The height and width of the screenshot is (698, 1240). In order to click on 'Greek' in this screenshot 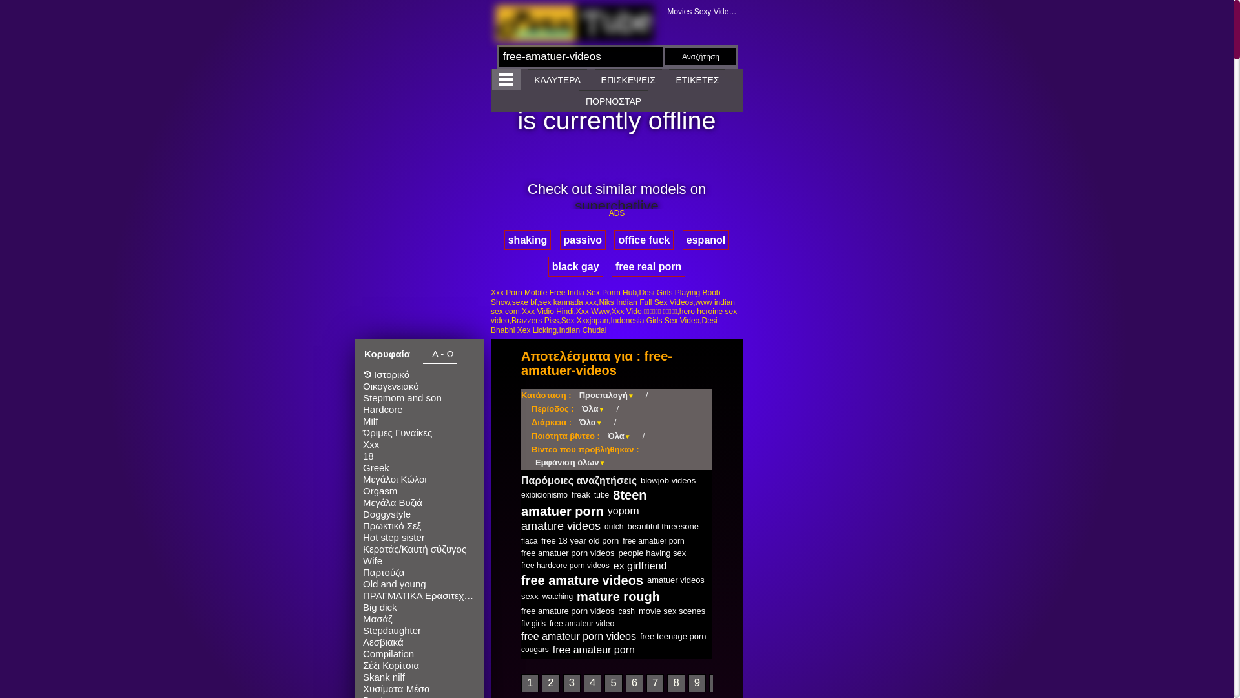, I will do `click(419, 468)`.